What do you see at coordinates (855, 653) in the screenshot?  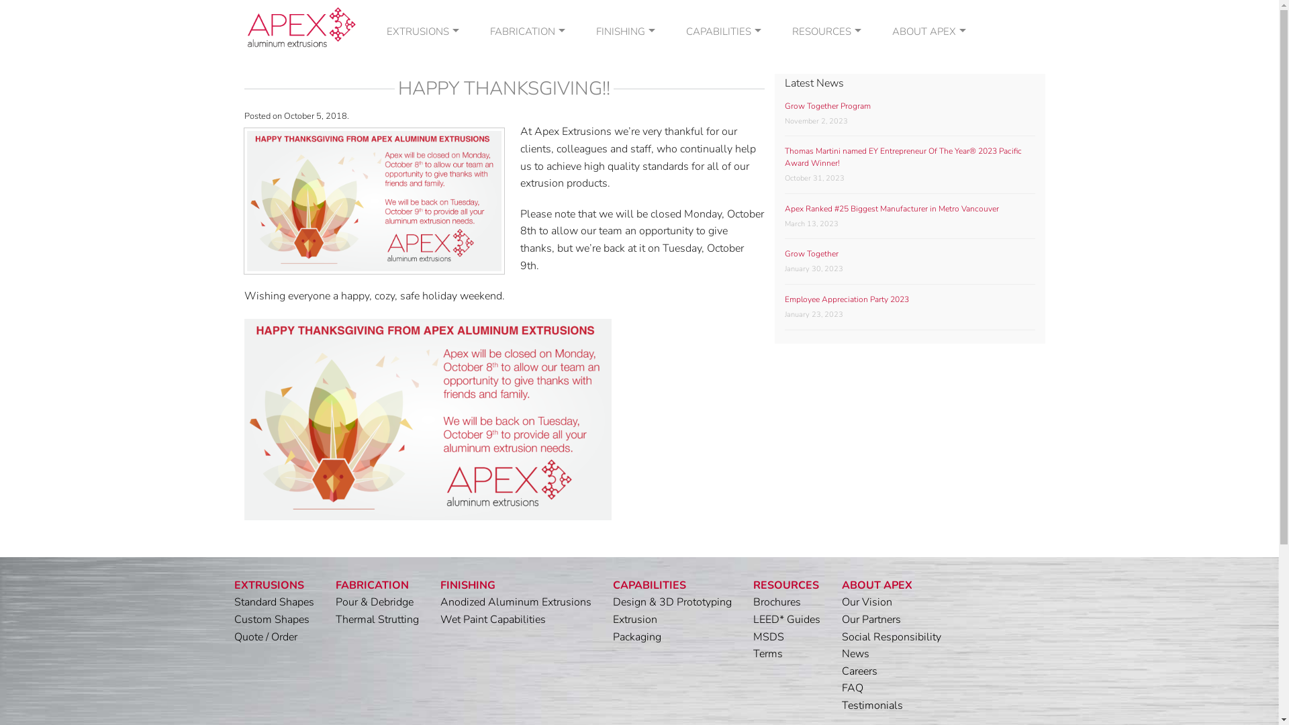 I see `'News'` at bounding box center [855, 653].